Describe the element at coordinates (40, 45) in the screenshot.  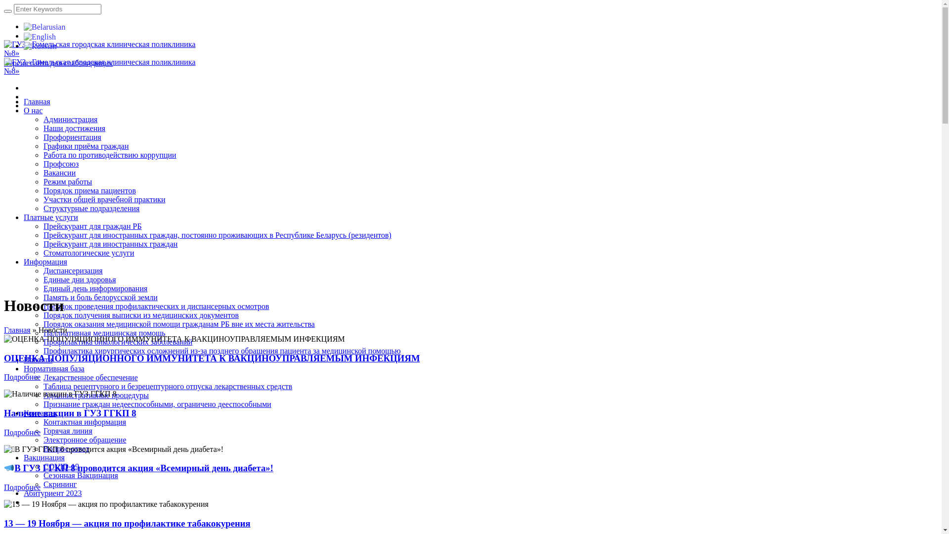
I see `'Russian'` at that location.